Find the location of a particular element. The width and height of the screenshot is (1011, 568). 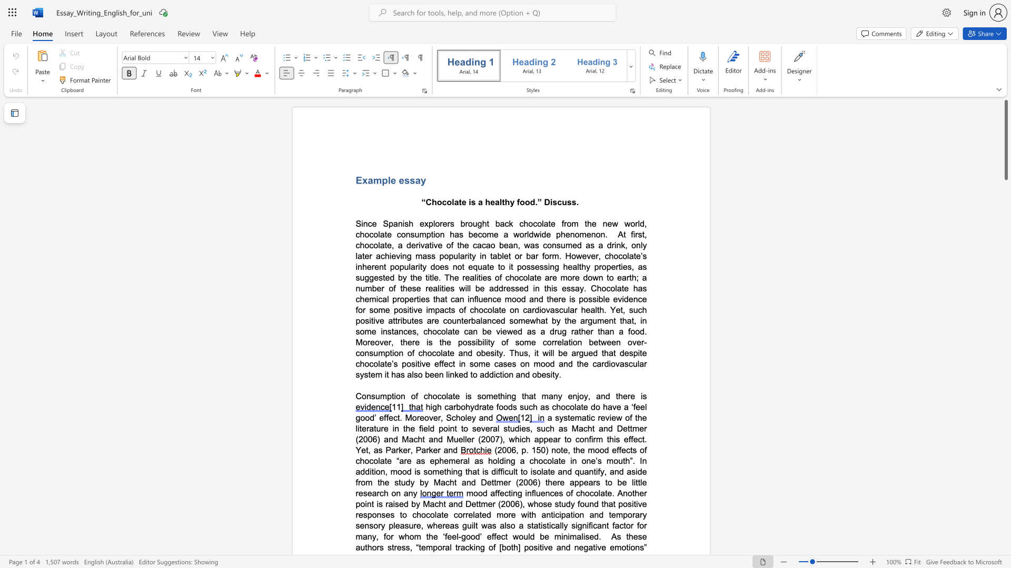

the scrollbar on the right is located at coordinates (1005, 342).